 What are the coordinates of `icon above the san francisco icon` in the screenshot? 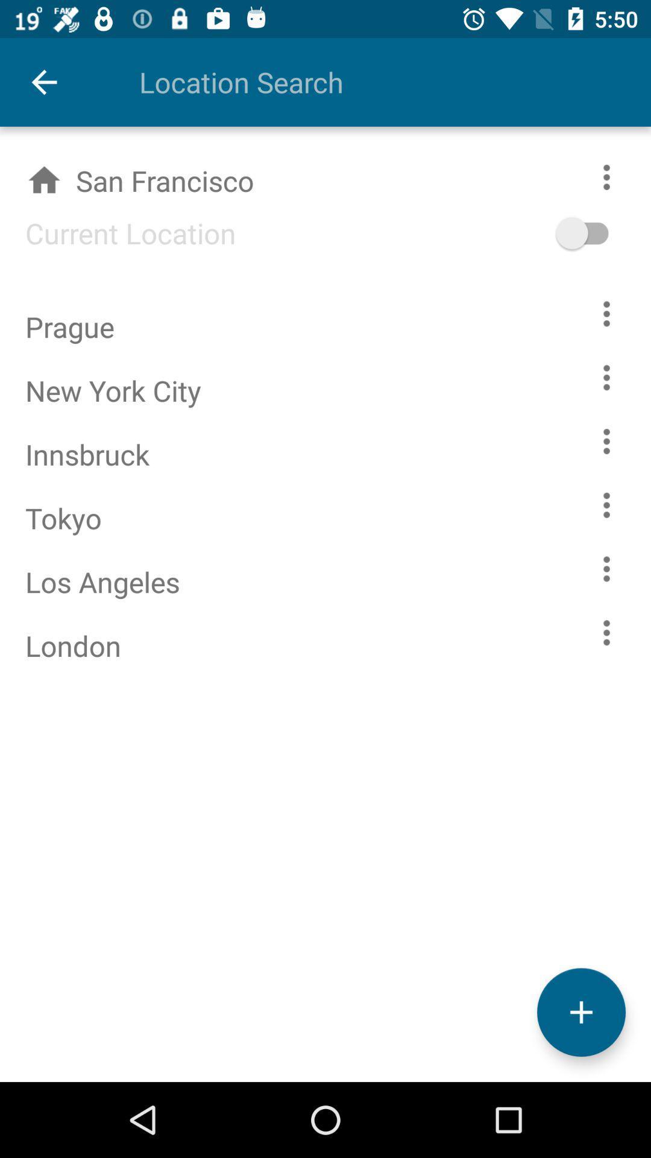 It's located at (43, 81).